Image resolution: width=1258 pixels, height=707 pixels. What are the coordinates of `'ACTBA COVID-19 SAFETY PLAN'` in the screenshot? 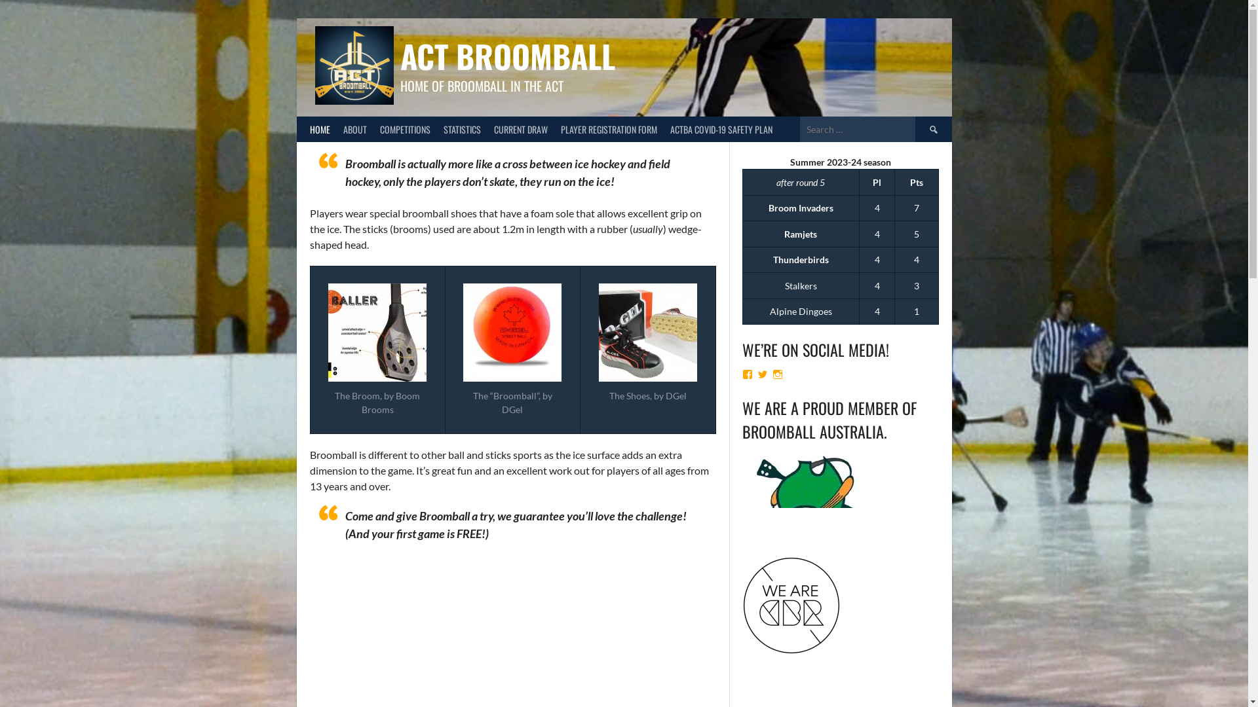 It's located at (719, 129).